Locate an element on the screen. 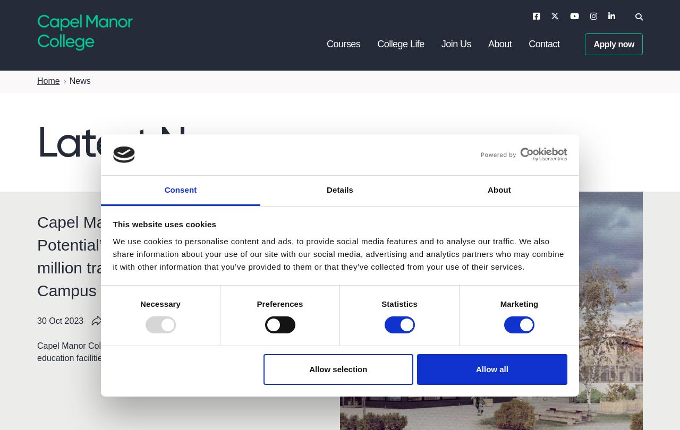  'Necessary' is located at coordinates (139, 303).